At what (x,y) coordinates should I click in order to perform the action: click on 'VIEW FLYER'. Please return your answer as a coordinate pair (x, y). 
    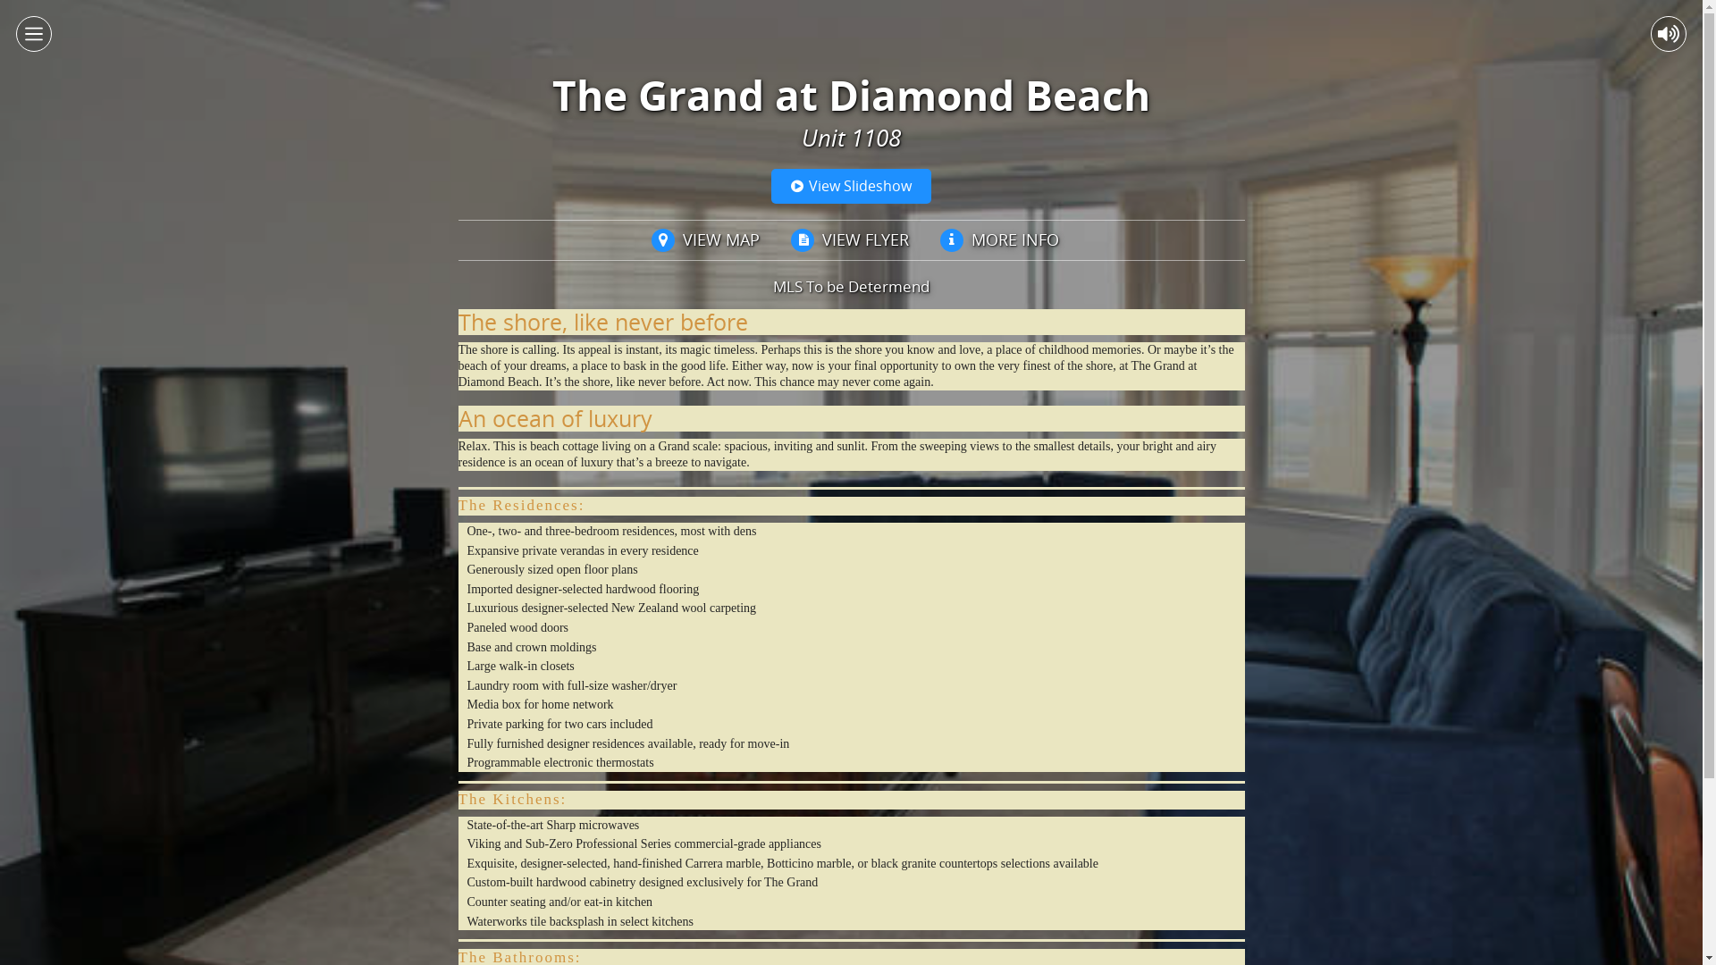
    Looking at the image, I should click on (845, 239).